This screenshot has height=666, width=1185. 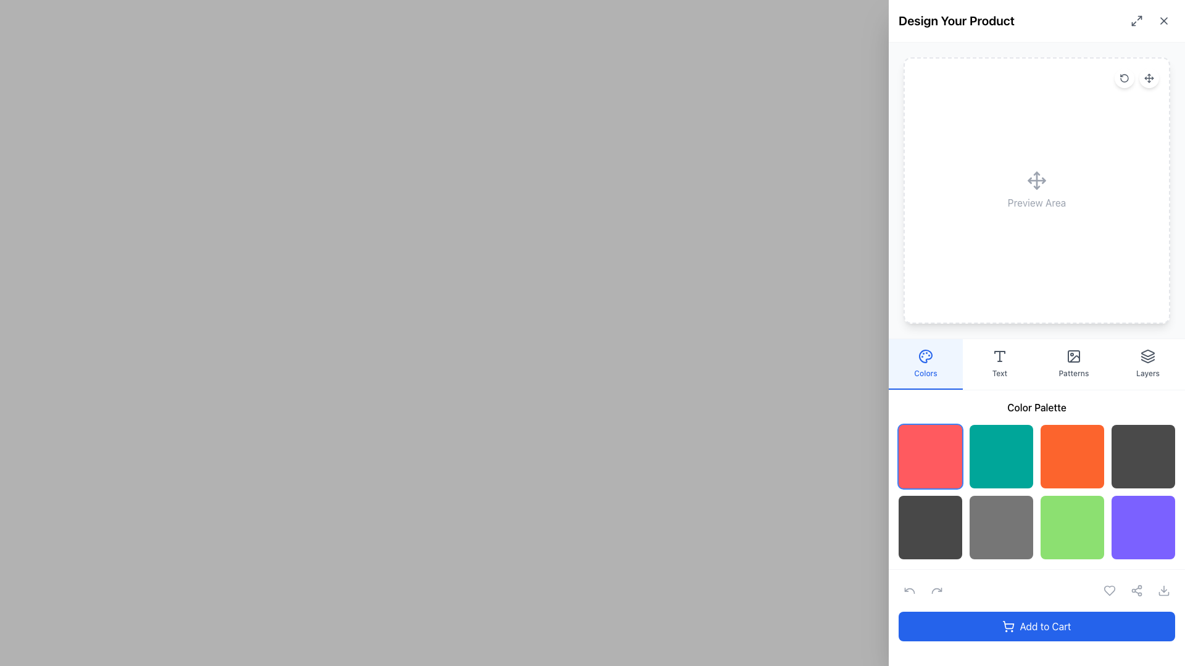 I want to click on the square interactive button with a gray background in the 'Color Palette' section, so click(x=1001, y=527).